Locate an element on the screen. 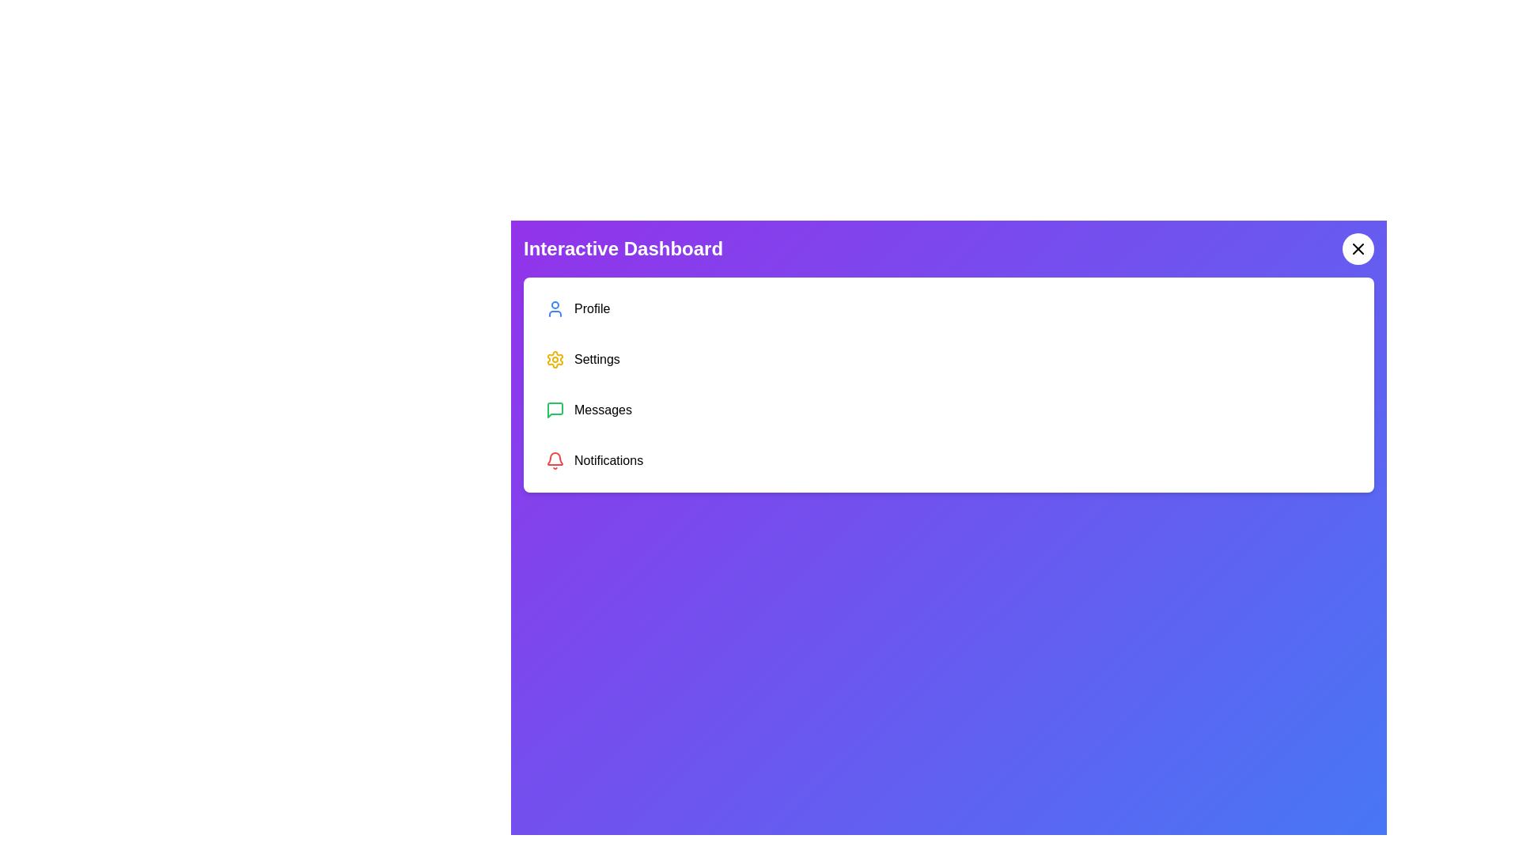 The height and width of the screenshot is (854, 1519). the close Icon Button located at the top-right corner of the main interface is located at coordinates (1358, 249).